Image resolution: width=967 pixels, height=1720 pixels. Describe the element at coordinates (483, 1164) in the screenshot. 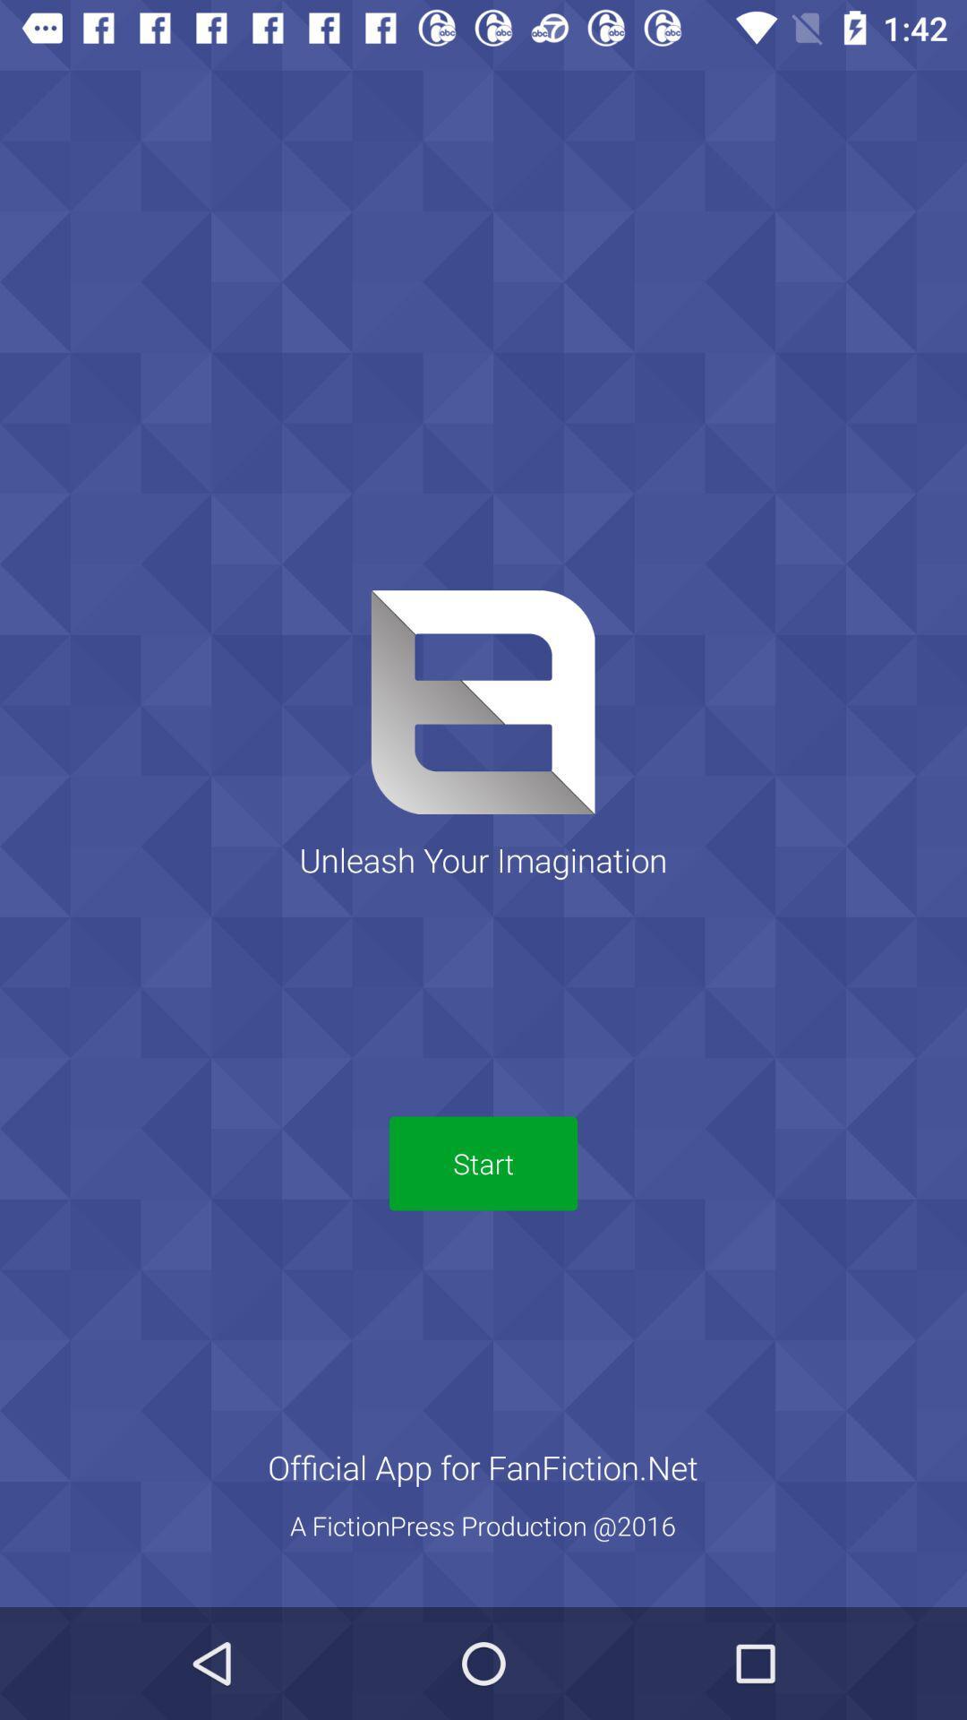

I see `item below the unleash your imagination icon` at that location.